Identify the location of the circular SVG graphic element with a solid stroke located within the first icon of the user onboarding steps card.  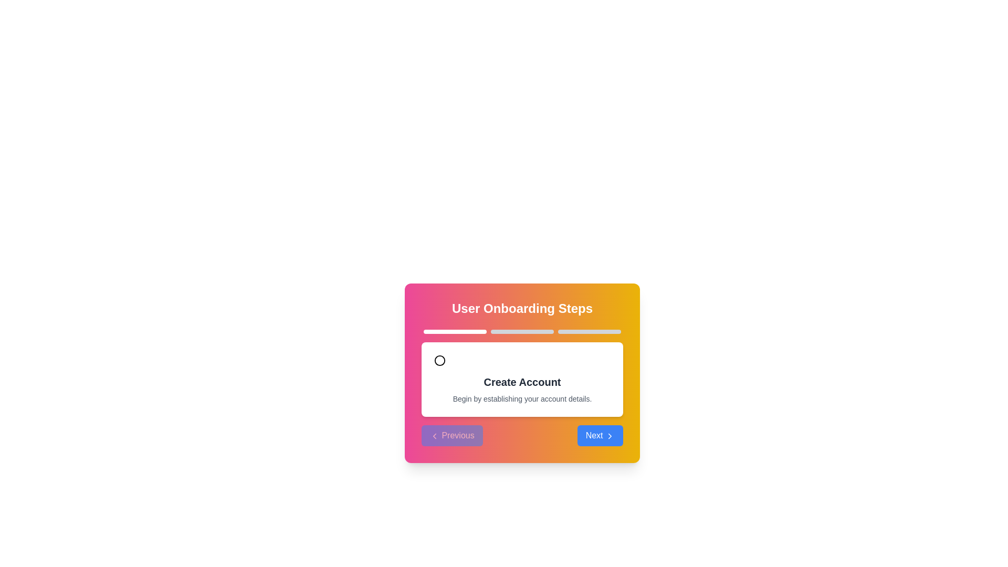
(440, 360).